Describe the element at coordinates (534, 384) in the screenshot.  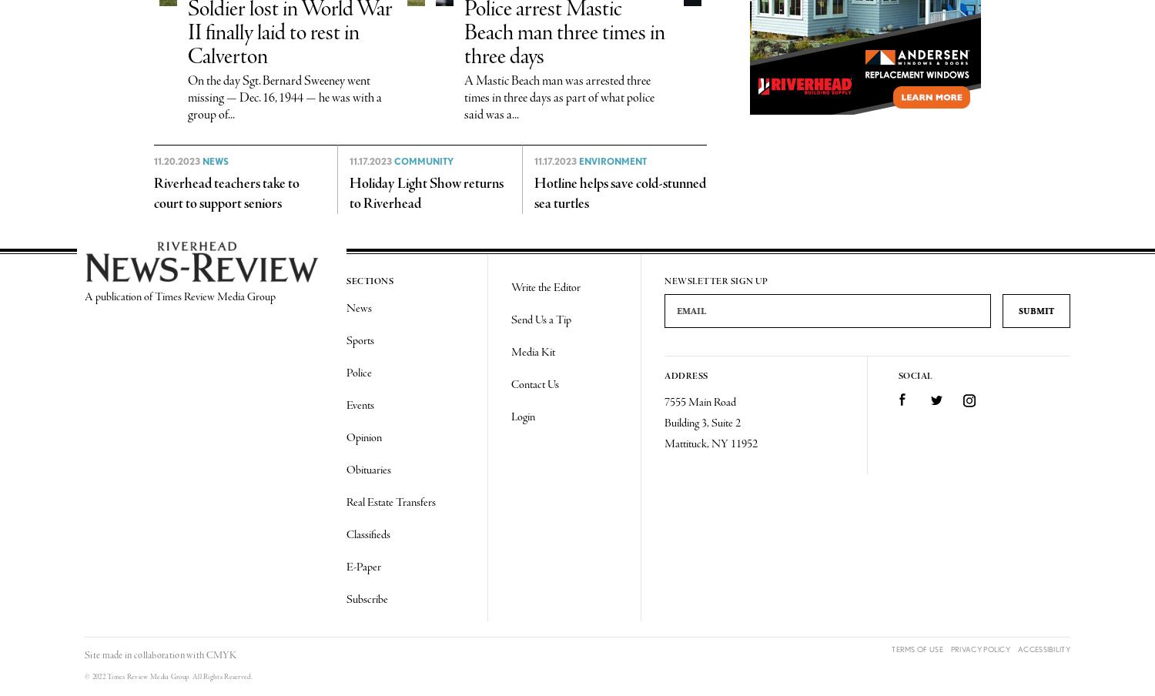
I see `'Contact Us'` at that location.